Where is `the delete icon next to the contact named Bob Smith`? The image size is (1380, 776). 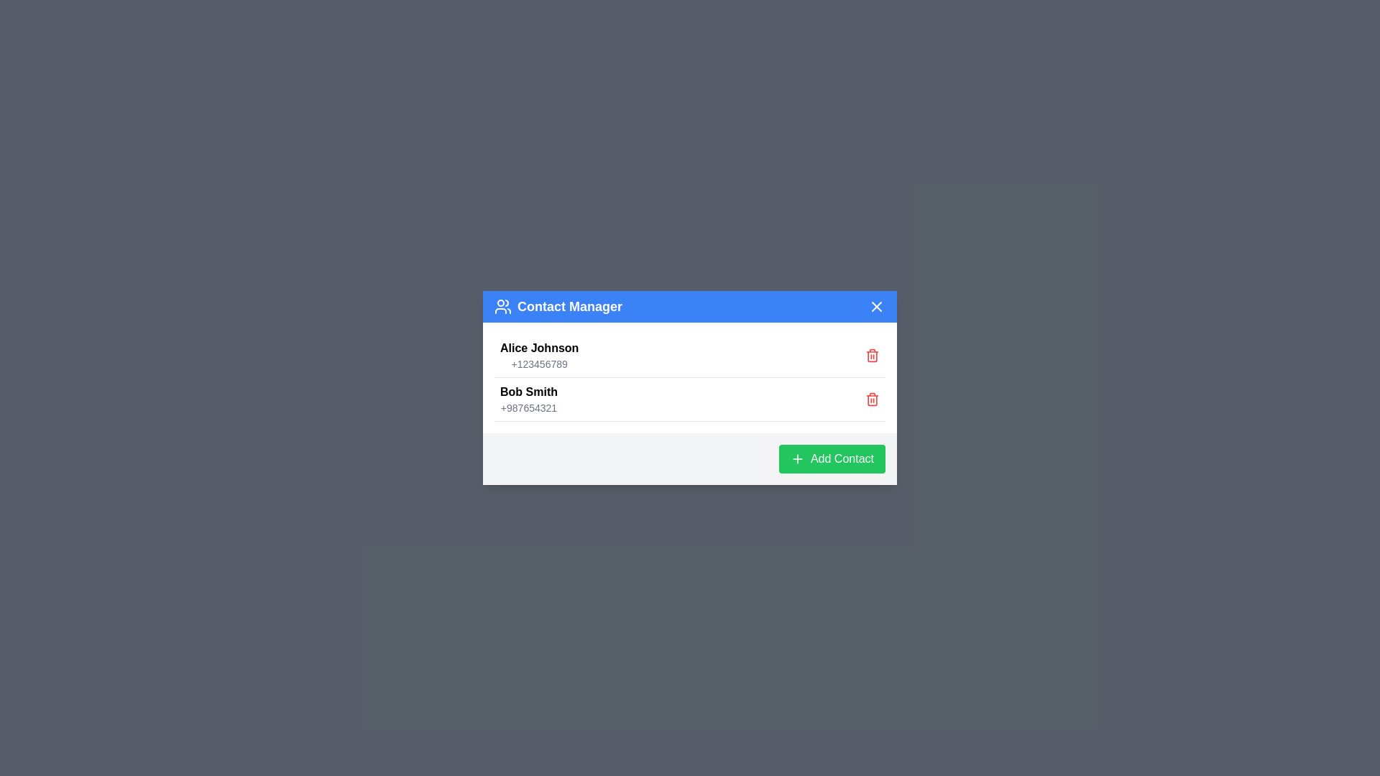
the delete icon next to the contact named Bob Smith is located at coordinates (872, 399).